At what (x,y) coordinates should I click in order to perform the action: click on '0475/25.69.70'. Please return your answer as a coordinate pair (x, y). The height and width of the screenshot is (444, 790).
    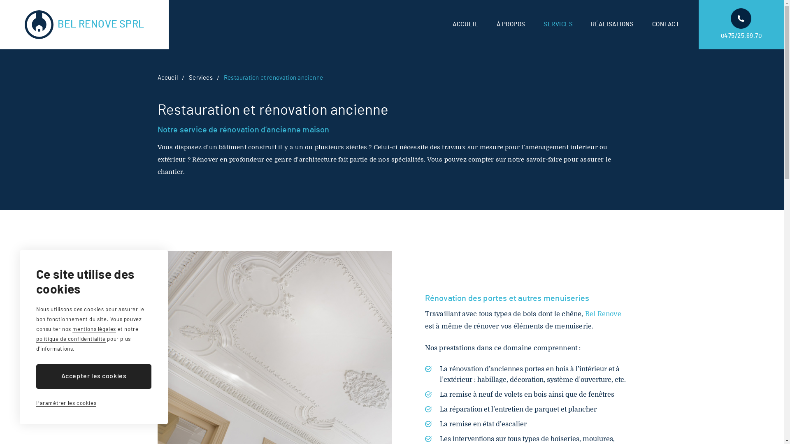
    Looking at the image, I should click on (741, 24).